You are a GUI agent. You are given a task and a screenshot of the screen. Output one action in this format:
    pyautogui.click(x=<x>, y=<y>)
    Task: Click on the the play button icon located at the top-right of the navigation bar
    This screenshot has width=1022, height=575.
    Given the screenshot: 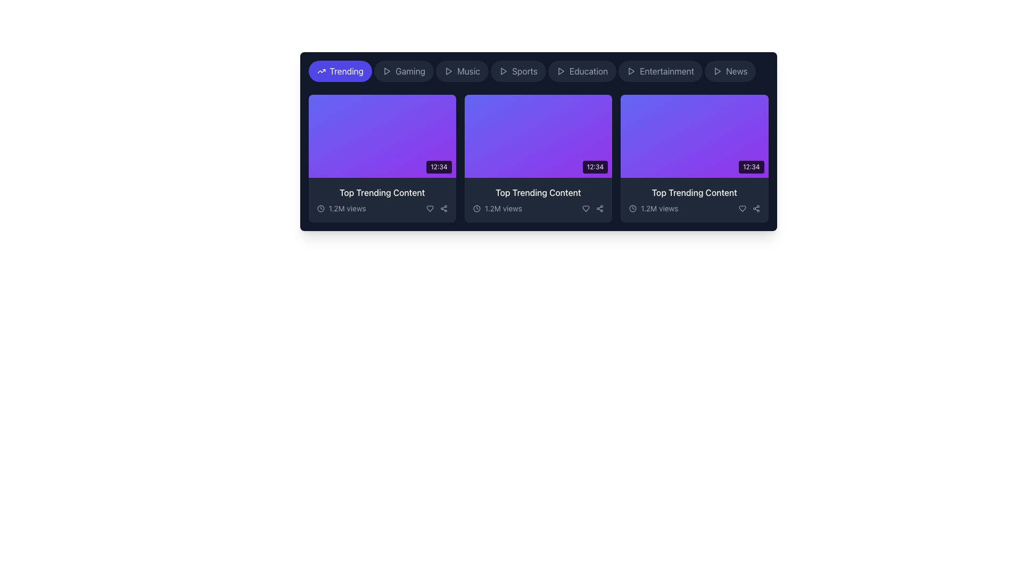 What is the action you would take?
    pyautogui.click(x=718, y=71)
    